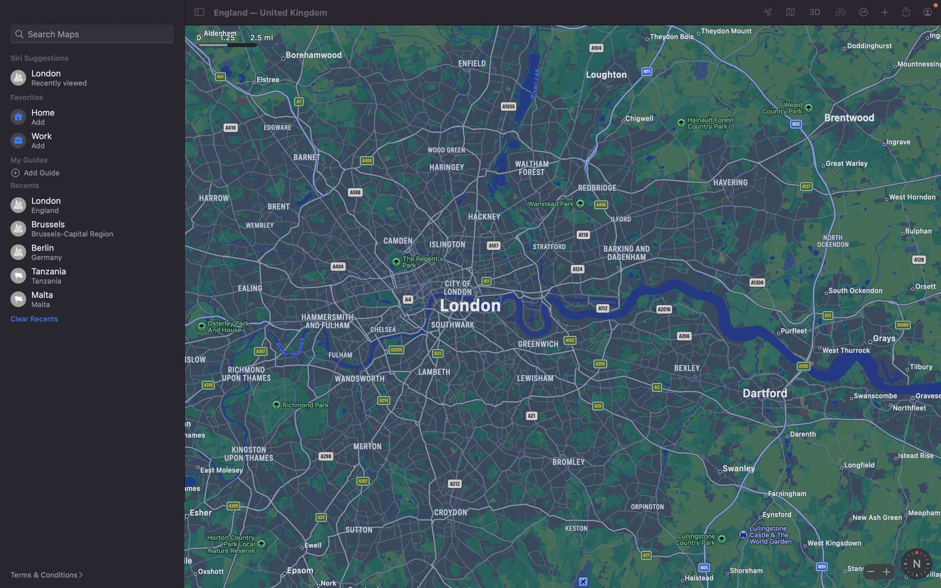 This screenshot has height=588, width=941. Describe the element at coordinates (789, 12) in the screenshot. I see `Change the map view to satellite` at that location.